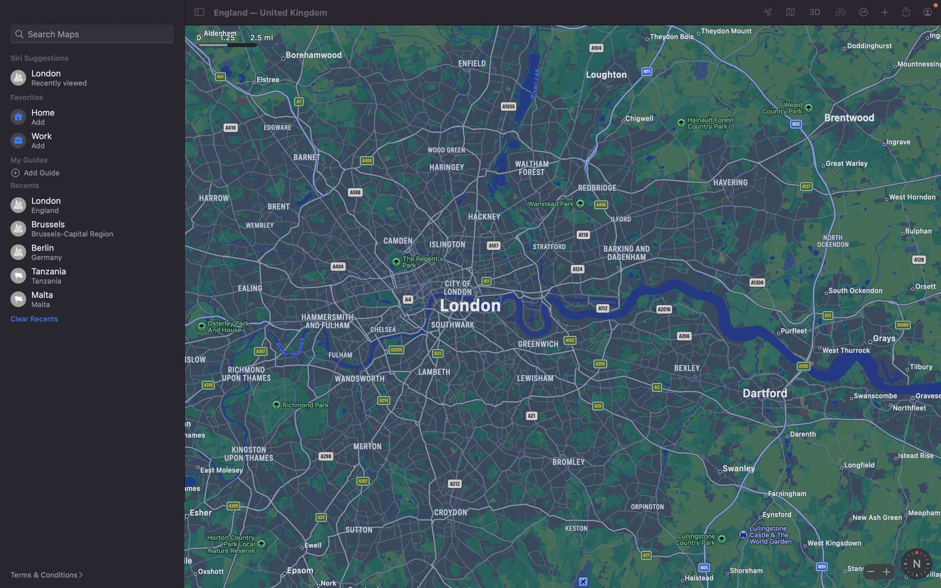 This screenshot has height=588, width=941. Describe the element at coordinates (789, 12) in the screenshot. I see `Change the map view to satellite` at that location.